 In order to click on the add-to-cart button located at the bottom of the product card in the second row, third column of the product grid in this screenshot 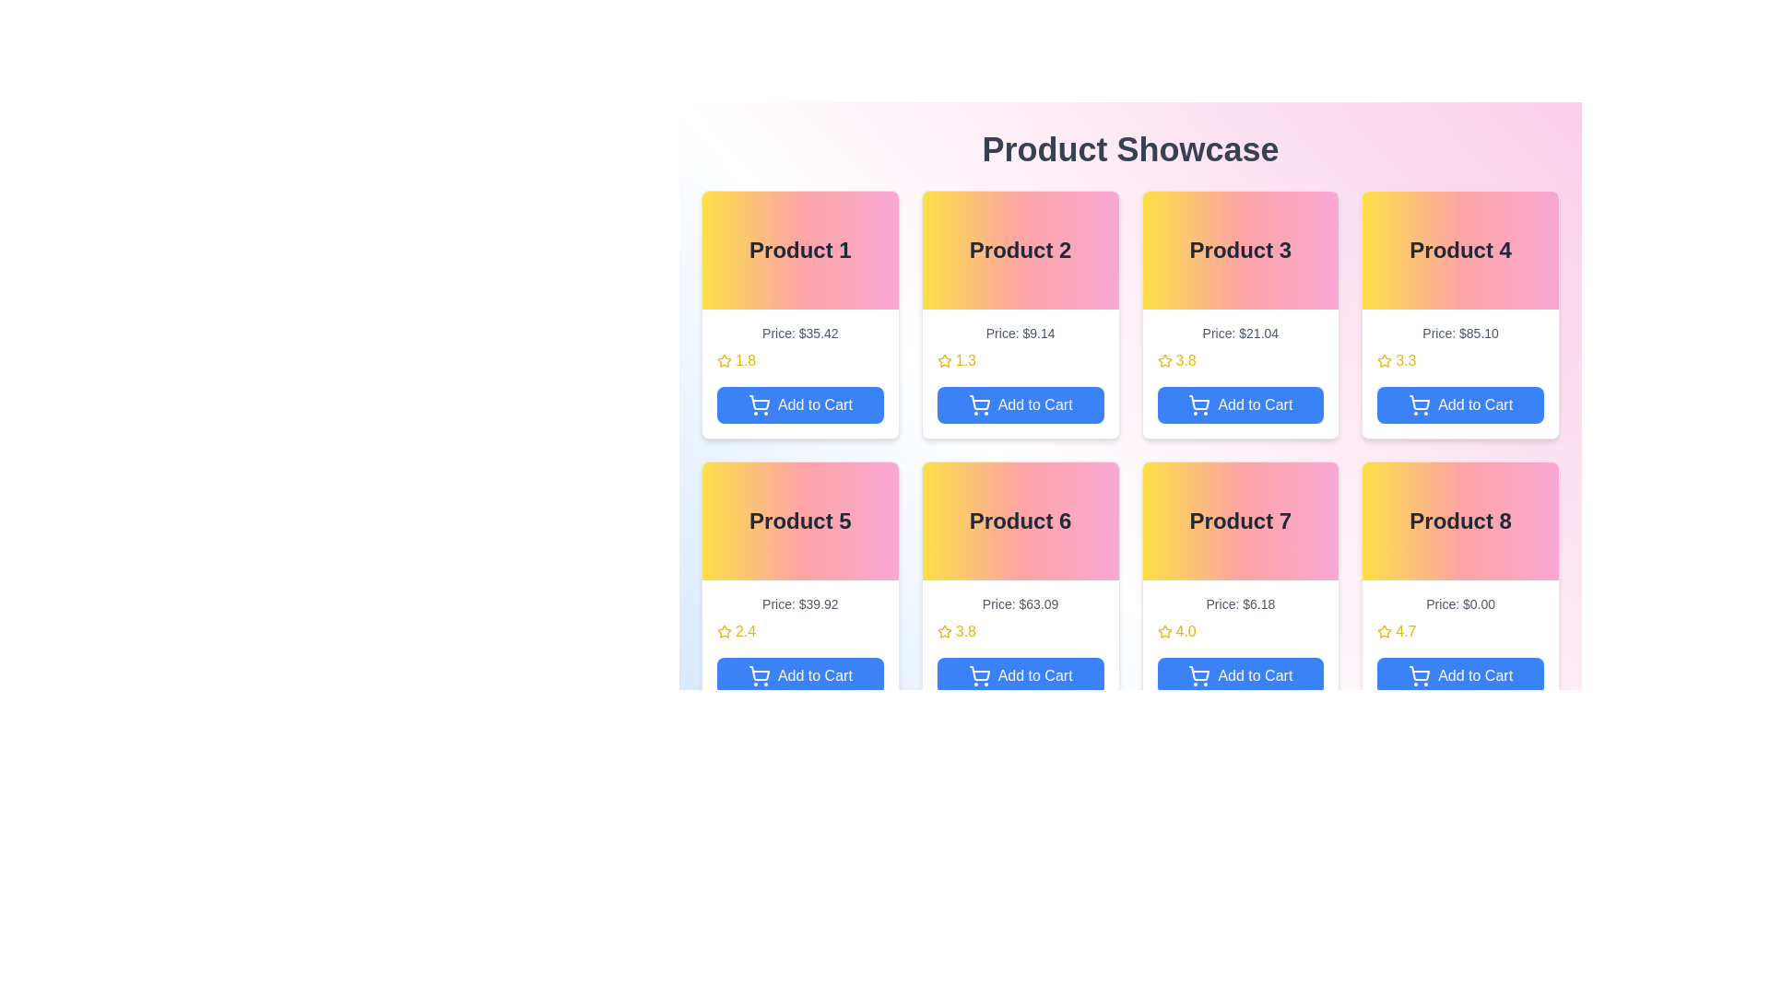, I will do `click(1240, 675)`.